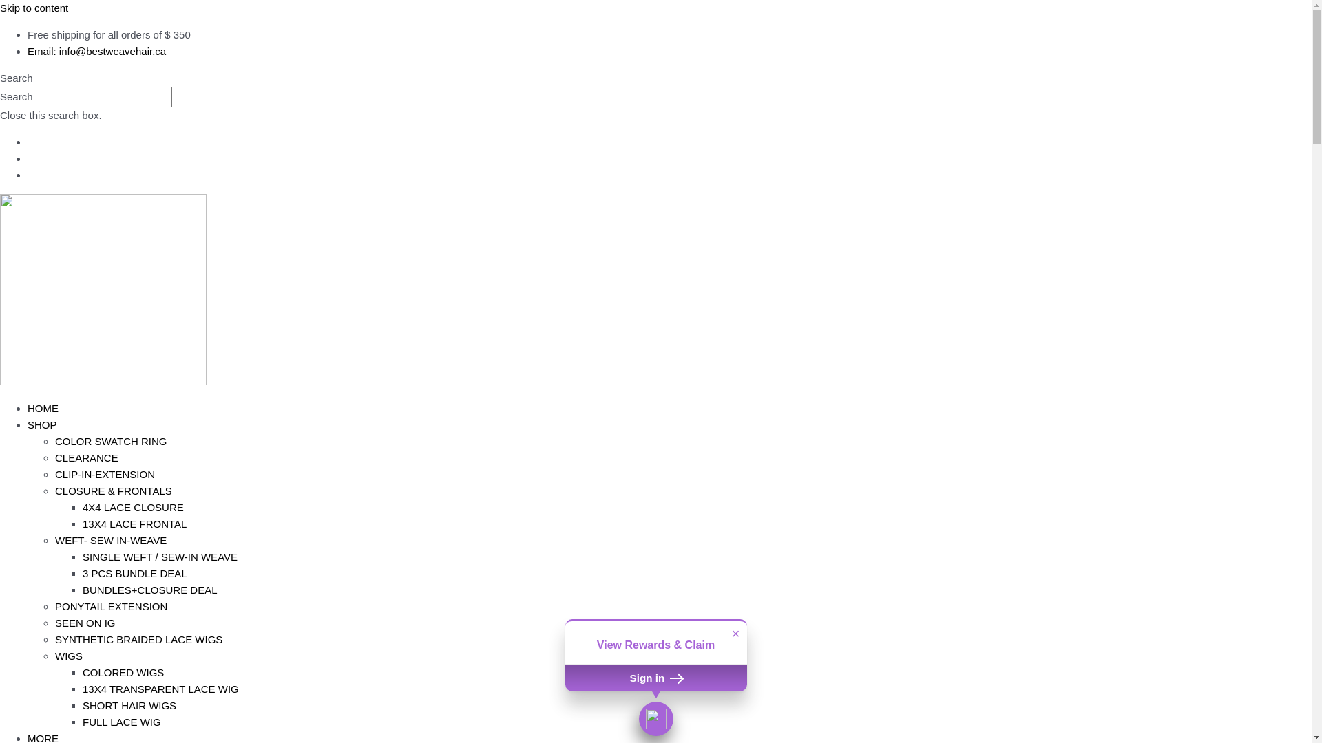  I want to click on 'PONYTAIL EXTENSION', so click(111, 605).